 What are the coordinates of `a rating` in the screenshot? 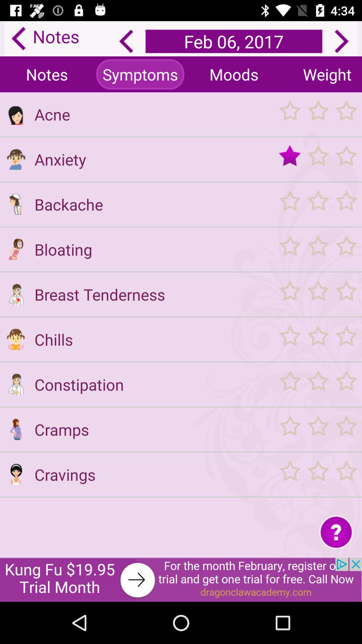 It's located at (317, 249).